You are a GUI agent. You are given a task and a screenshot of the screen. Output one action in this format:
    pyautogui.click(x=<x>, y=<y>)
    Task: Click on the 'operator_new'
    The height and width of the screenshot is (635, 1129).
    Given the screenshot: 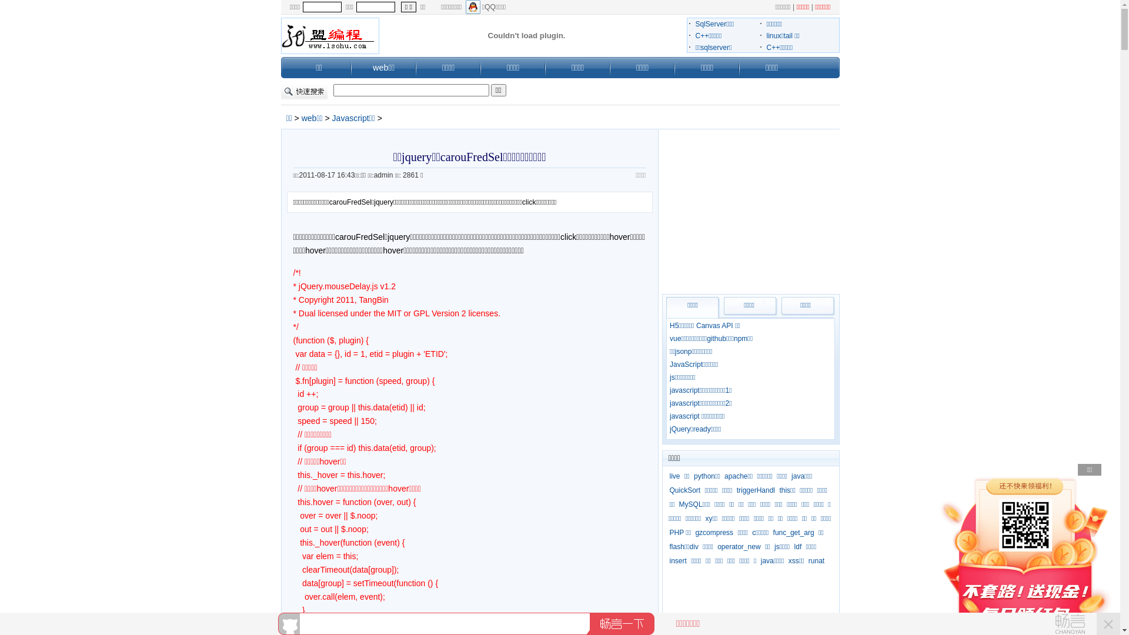 What is the action you would take?
    pyautogui.click(x=738, y=546)
    